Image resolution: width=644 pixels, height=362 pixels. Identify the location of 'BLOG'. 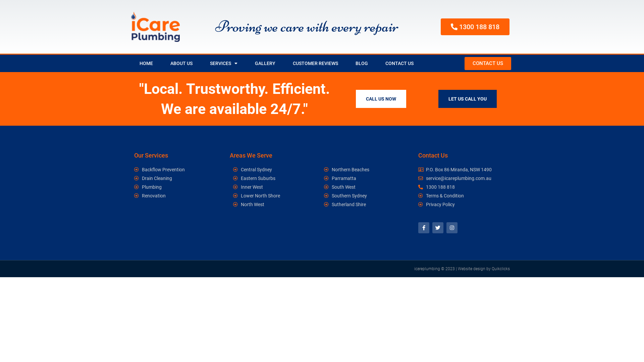
(346, 63).